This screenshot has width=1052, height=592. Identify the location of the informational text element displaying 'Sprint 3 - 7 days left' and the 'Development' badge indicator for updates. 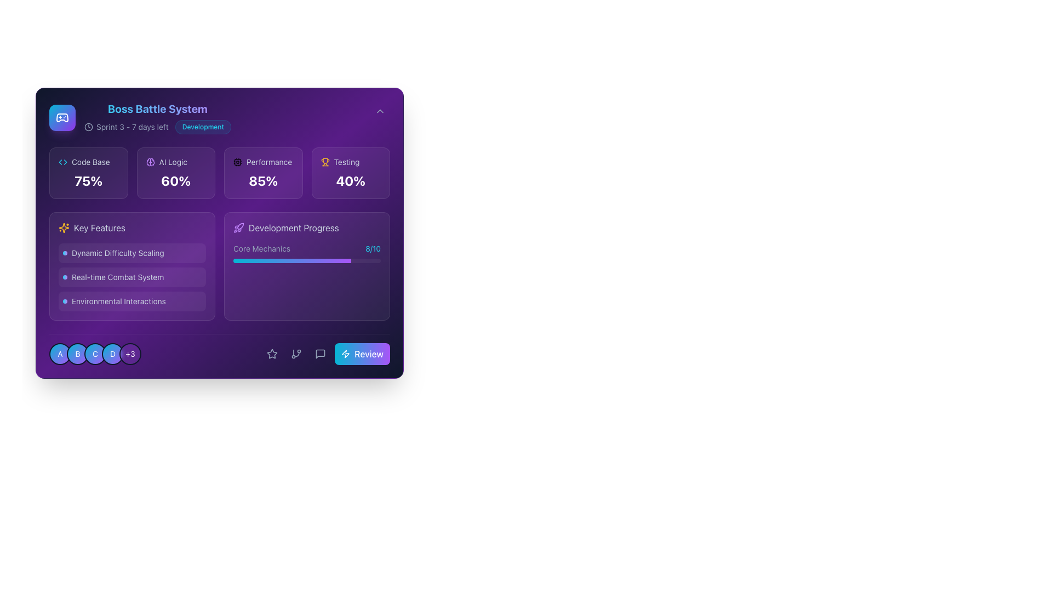
(157, 126).